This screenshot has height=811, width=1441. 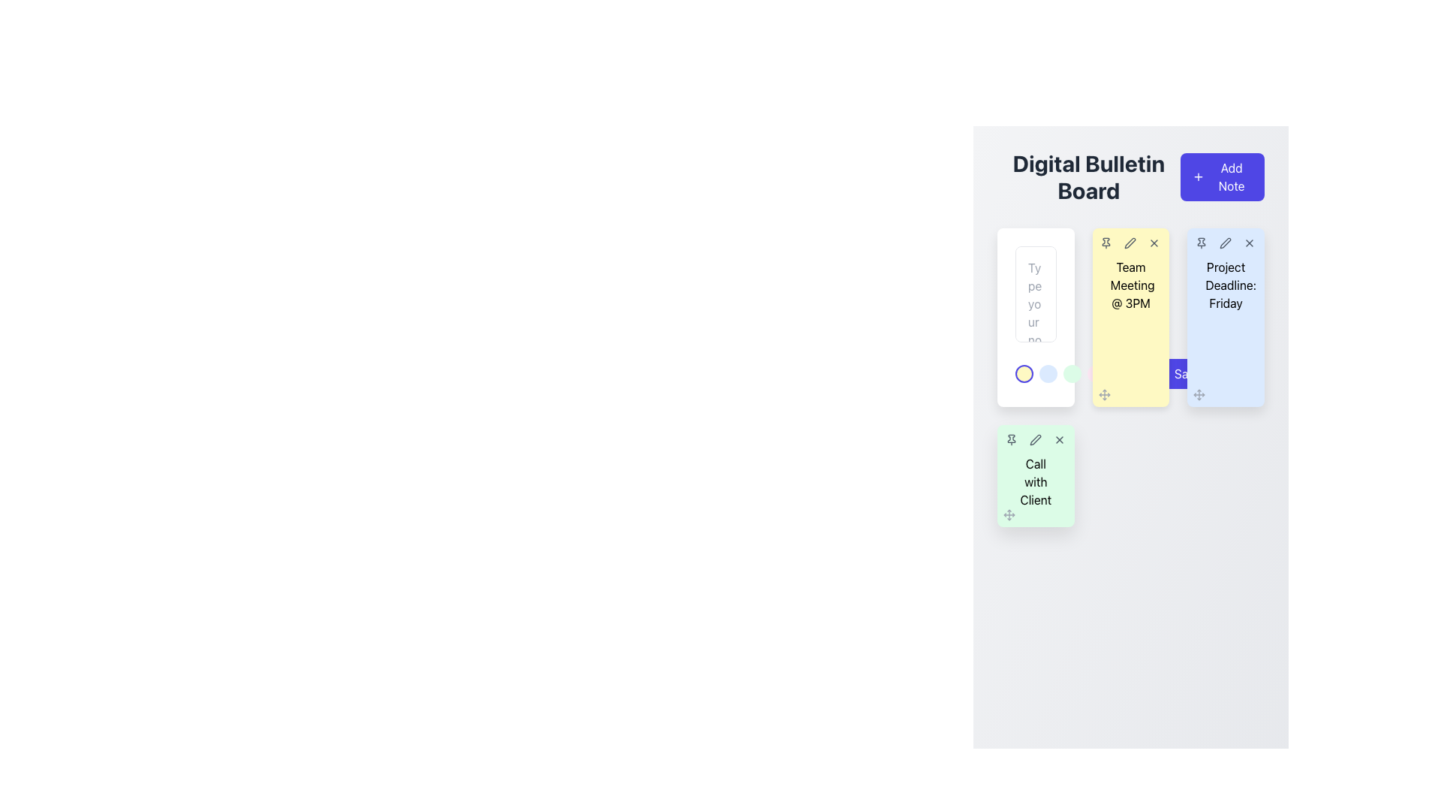 What do you see at coordinates (1072, 372) in the screenshot?
I see `the third circular button with a green background located in a horizontal row of similar buttons at the bottom-left of the white rectangular card` at bounding box center [1072, 372].